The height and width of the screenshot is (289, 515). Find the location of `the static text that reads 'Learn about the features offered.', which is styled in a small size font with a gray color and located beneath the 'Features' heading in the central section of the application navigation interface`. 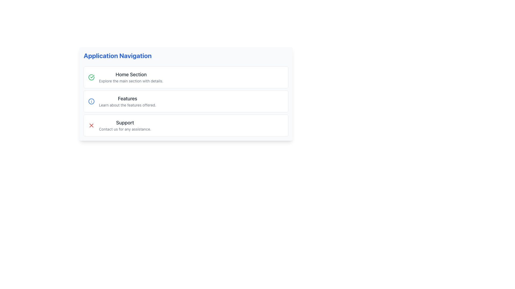

the static text that reads 'Learn about the features offered.', which is styled in a small size font with a gray color and located beneath the 'Features' heading in the central section of the application navigation interface is located at coordinates (127, 105).